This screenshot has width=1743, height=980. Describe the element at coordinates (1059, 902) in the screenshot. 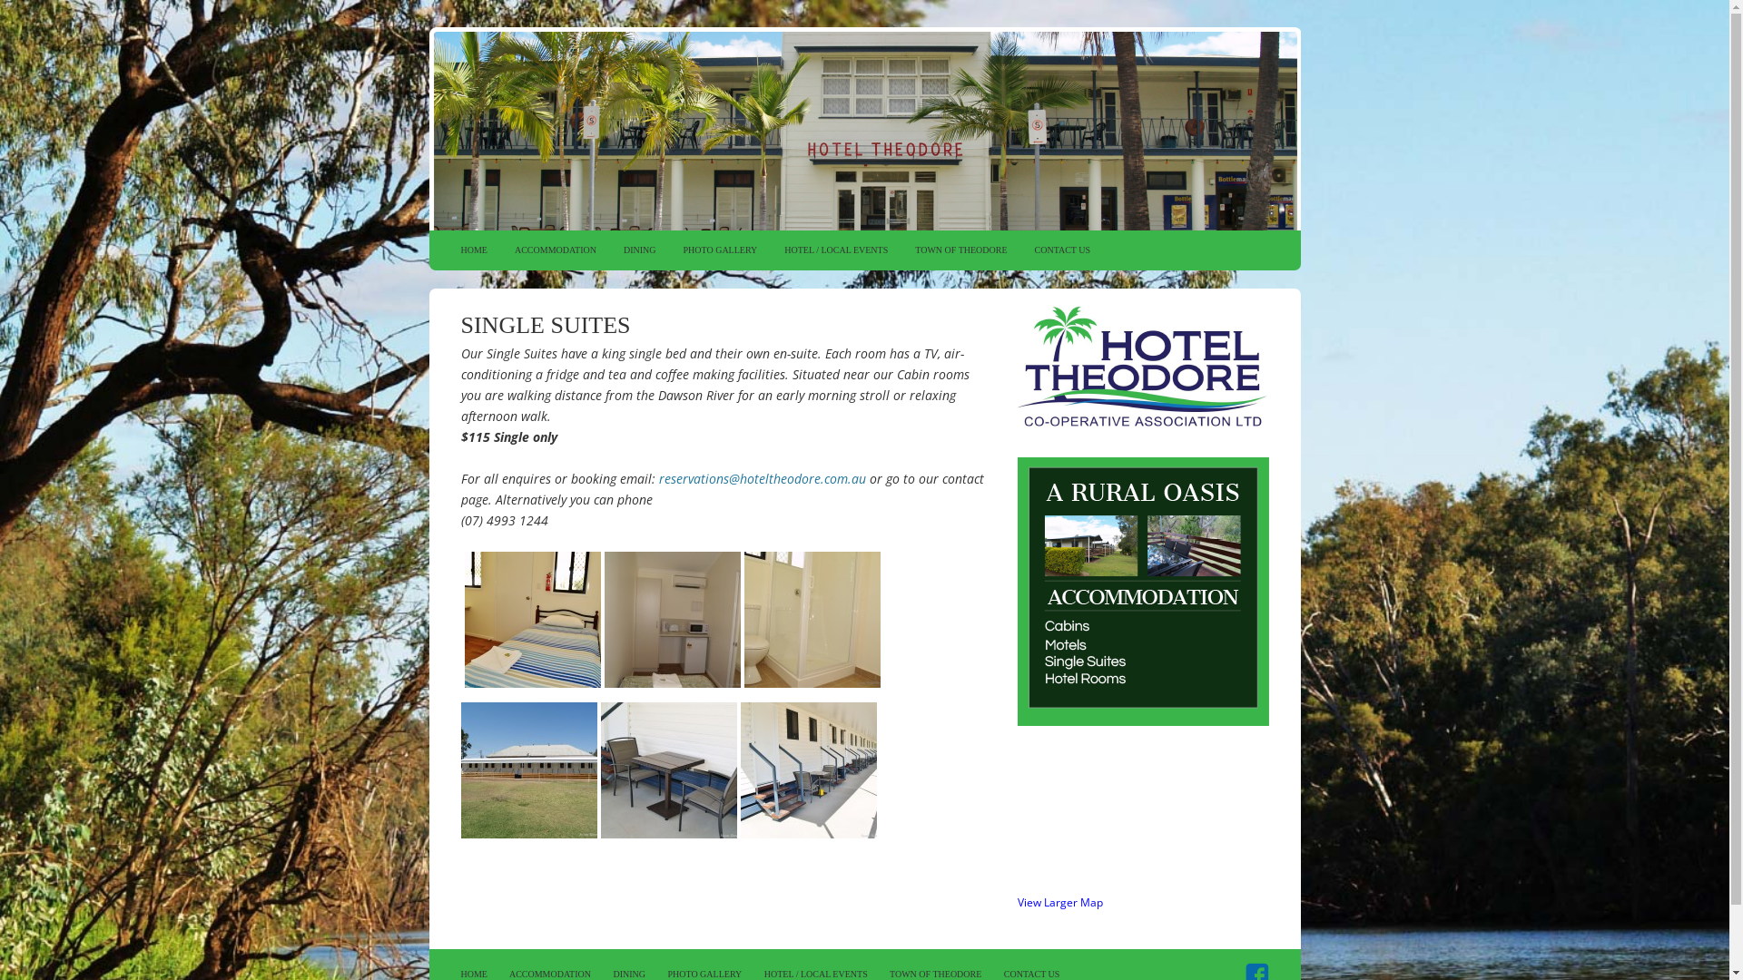

I see `'View Larger Map'` at that location.